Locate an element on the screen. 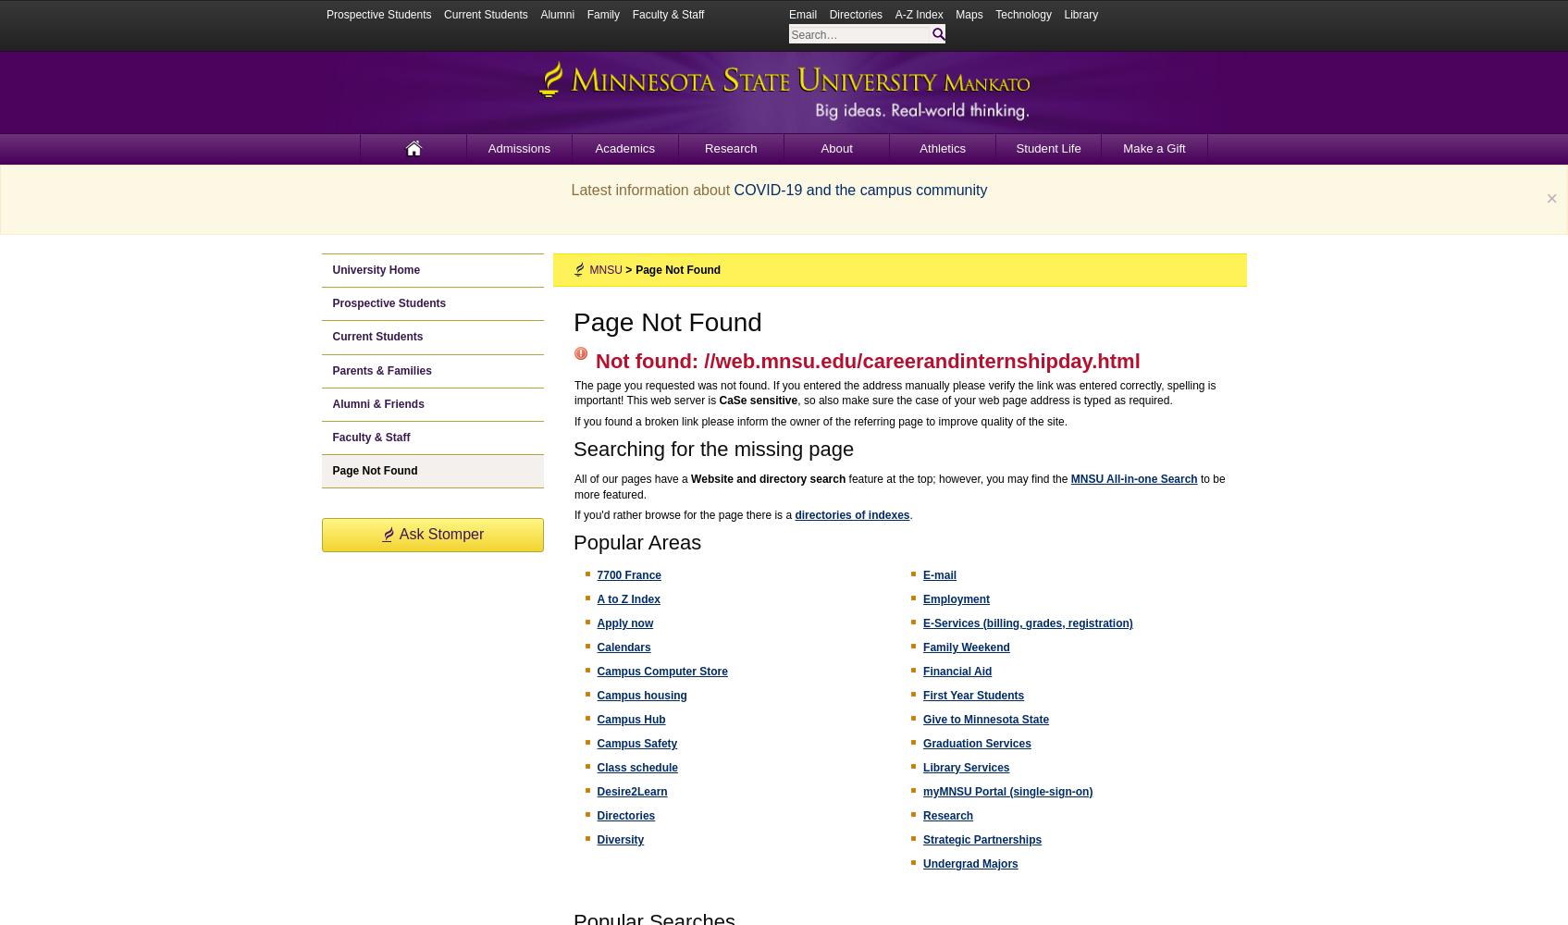 The image size is (1568, 925). 'Searching for the missing page' is located at coordinates (712, 447).